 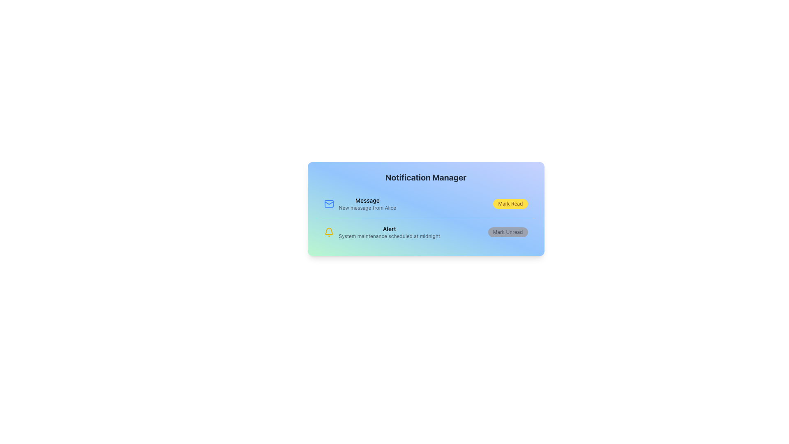 What do you see at coordinates (389, 229) in the screenshot?
I see `the Text Label that indicates the category of the notification, positioned above the detailed message about system maintenance` at bounding box center [389, 229].